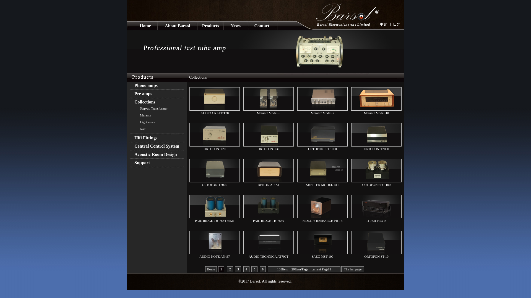 The image size is (531, 298). I want to click on 'FIDLITY RESEARCH FRT-3', so click(302, 220).